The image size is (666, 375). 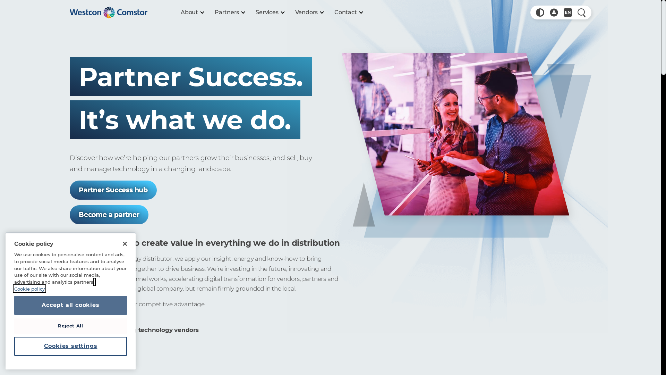 I want to click on 'Contact', so click(x=348, y=12).